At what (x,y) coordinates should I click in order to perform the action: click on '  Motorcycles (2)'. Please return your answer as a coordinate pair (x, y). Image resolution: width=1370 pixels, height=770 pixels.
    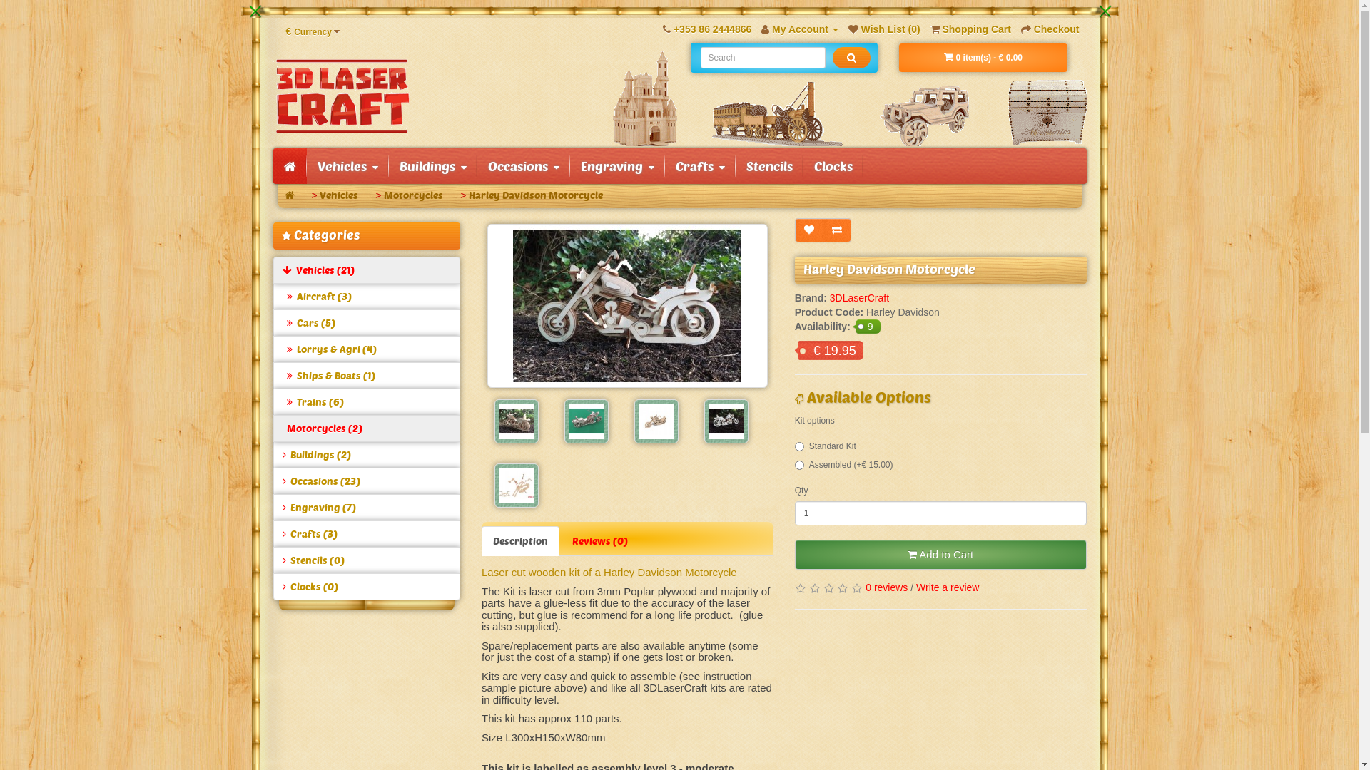
    Looking at the image, I should click on (273, 428).